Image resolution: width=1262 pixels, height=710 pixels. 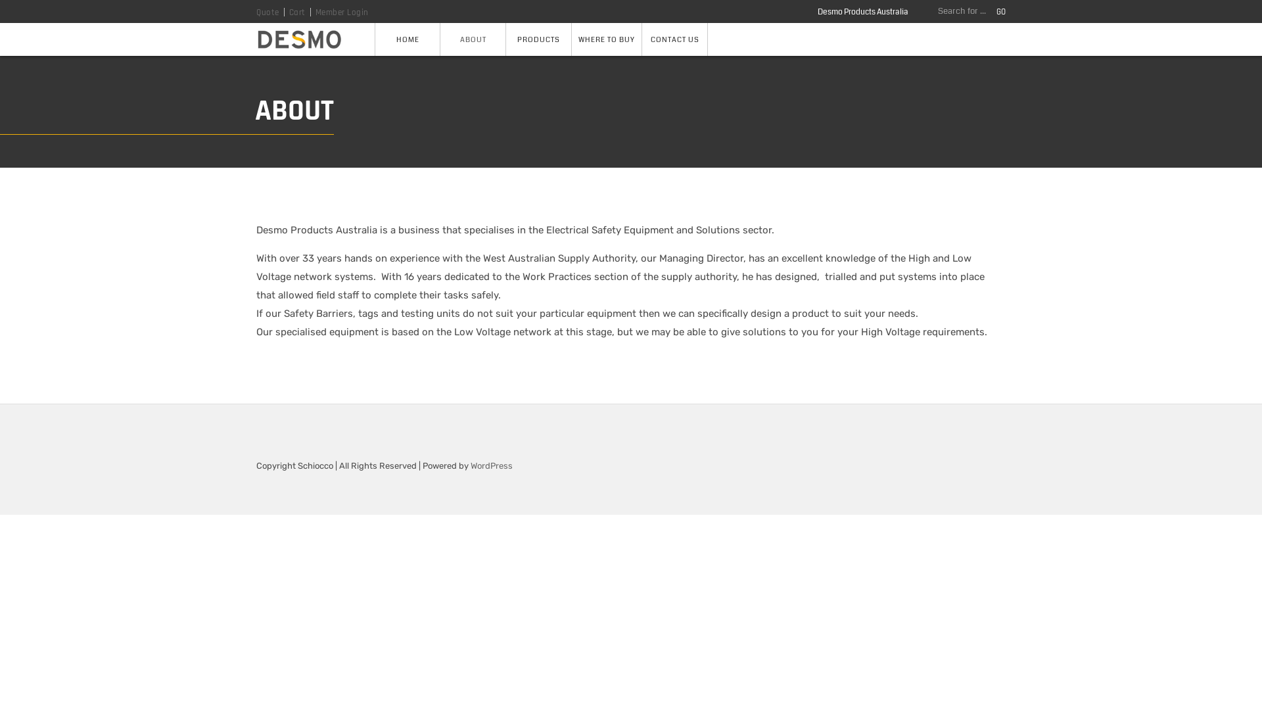 I want to click on 'Cart', so click(x=296, y=12).